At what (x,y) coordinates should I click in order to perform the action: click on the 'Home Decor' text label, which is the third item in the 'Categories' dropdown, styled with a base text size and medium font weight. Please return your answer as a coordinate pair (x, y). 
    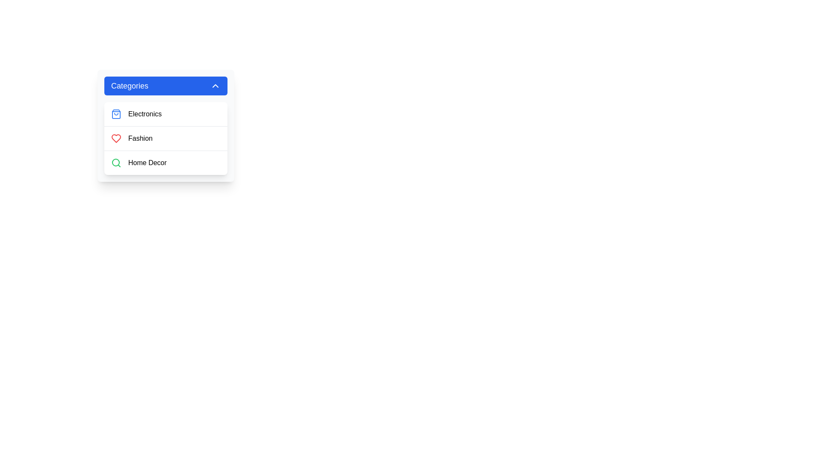
    Looking at the image, I should click on (147, 163).